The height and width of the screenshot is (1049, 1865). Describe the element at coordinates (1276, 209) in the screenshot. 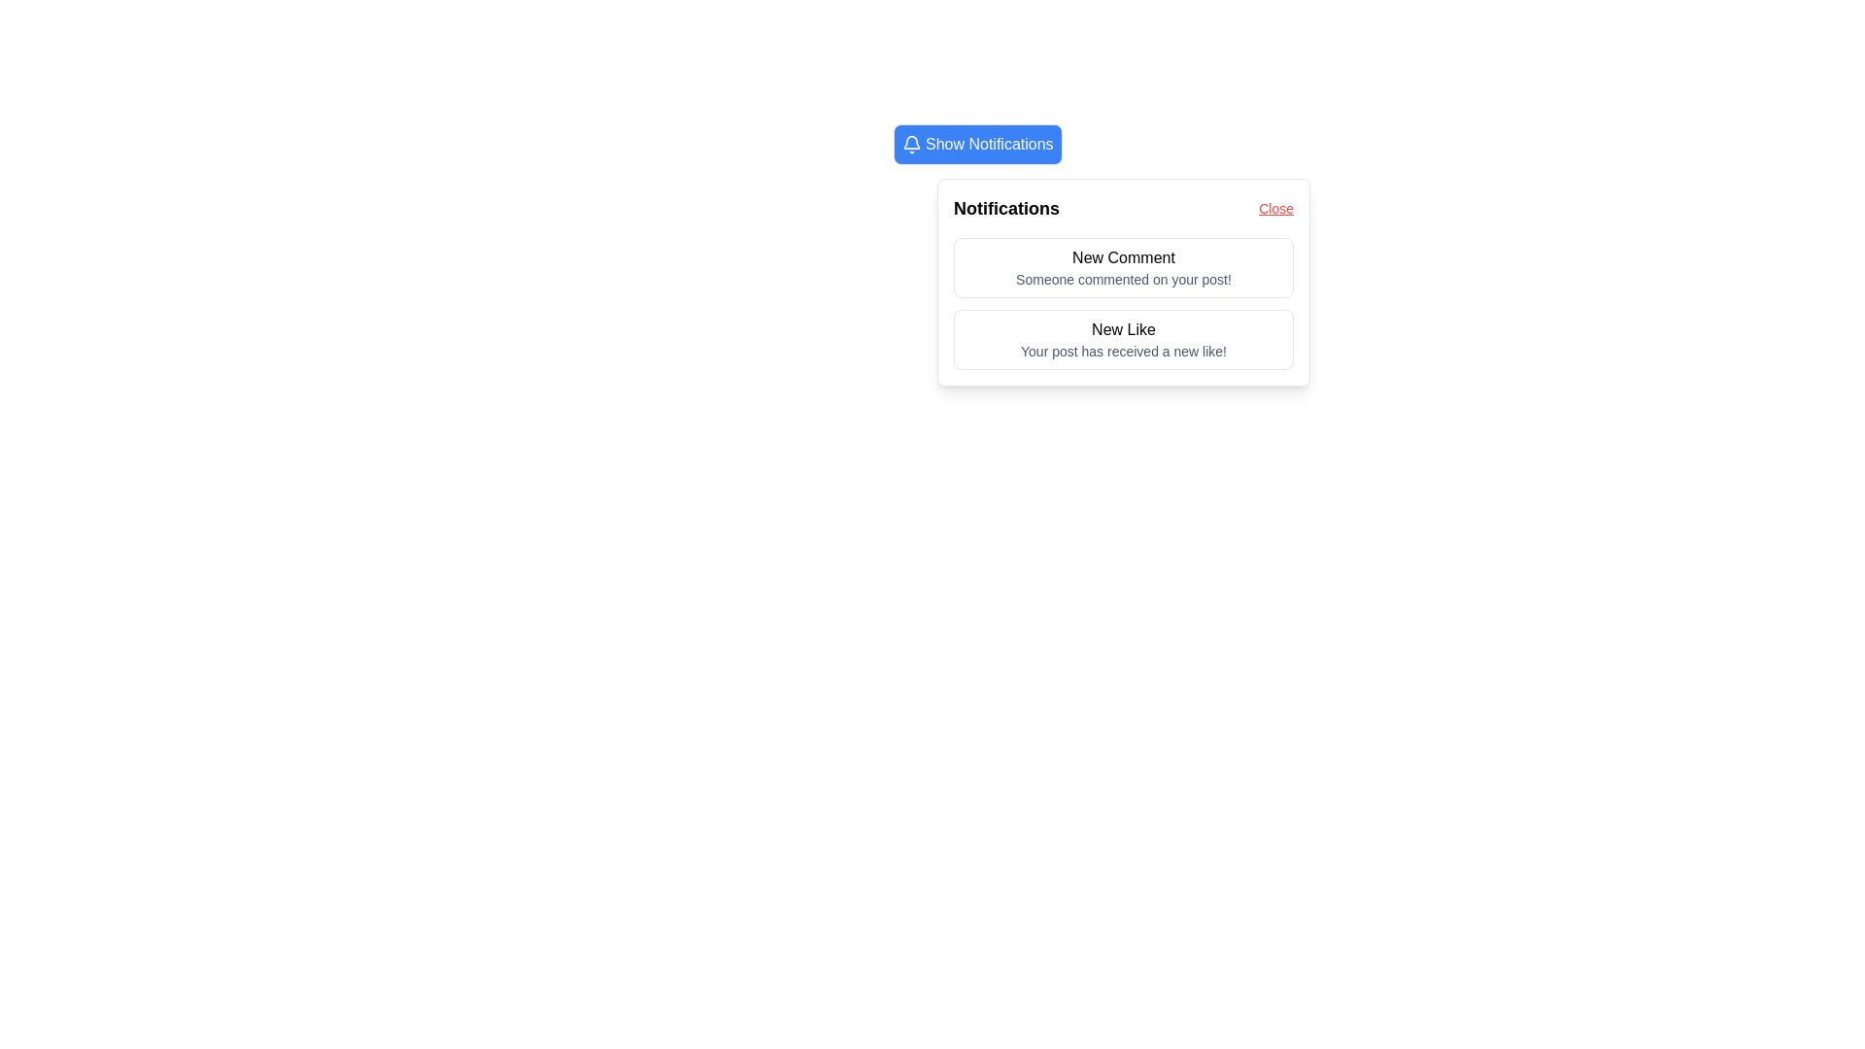

I see `the 'Close' Text Button located in the upper right corner of the notification panel` at that location.